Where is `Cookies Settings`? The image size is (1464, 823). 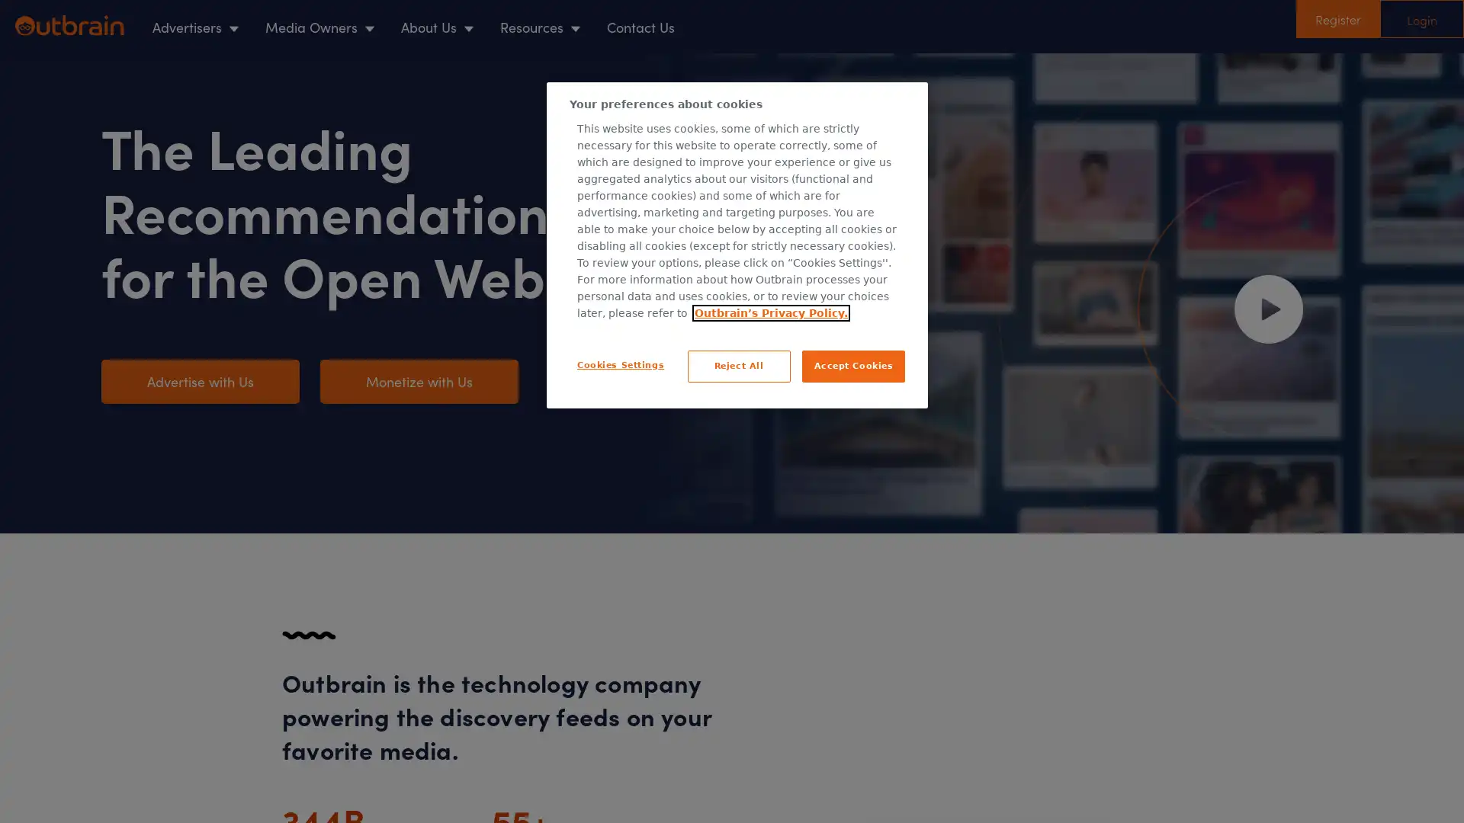
Cookies Settings is located at coordinates (621, 364).